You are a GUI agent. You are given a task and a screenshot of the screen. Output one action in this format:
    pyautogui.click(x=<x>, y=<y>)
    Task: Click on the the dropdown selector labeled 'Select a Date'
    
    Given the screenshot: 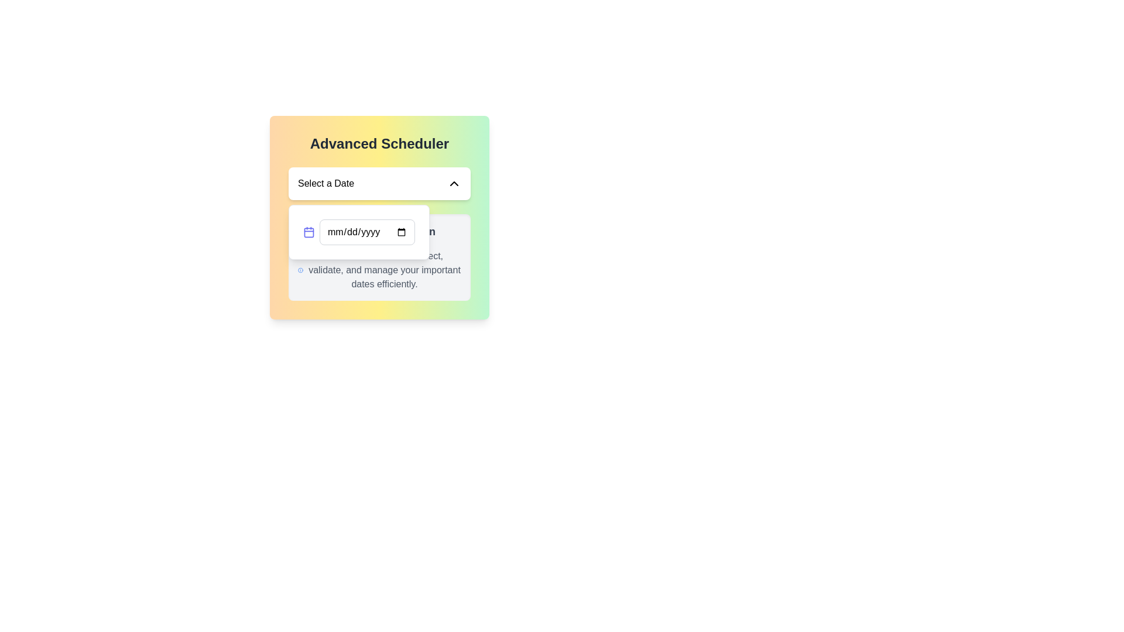 What is the action you would take?
    pyautogui.click(x=379, y=183)
    